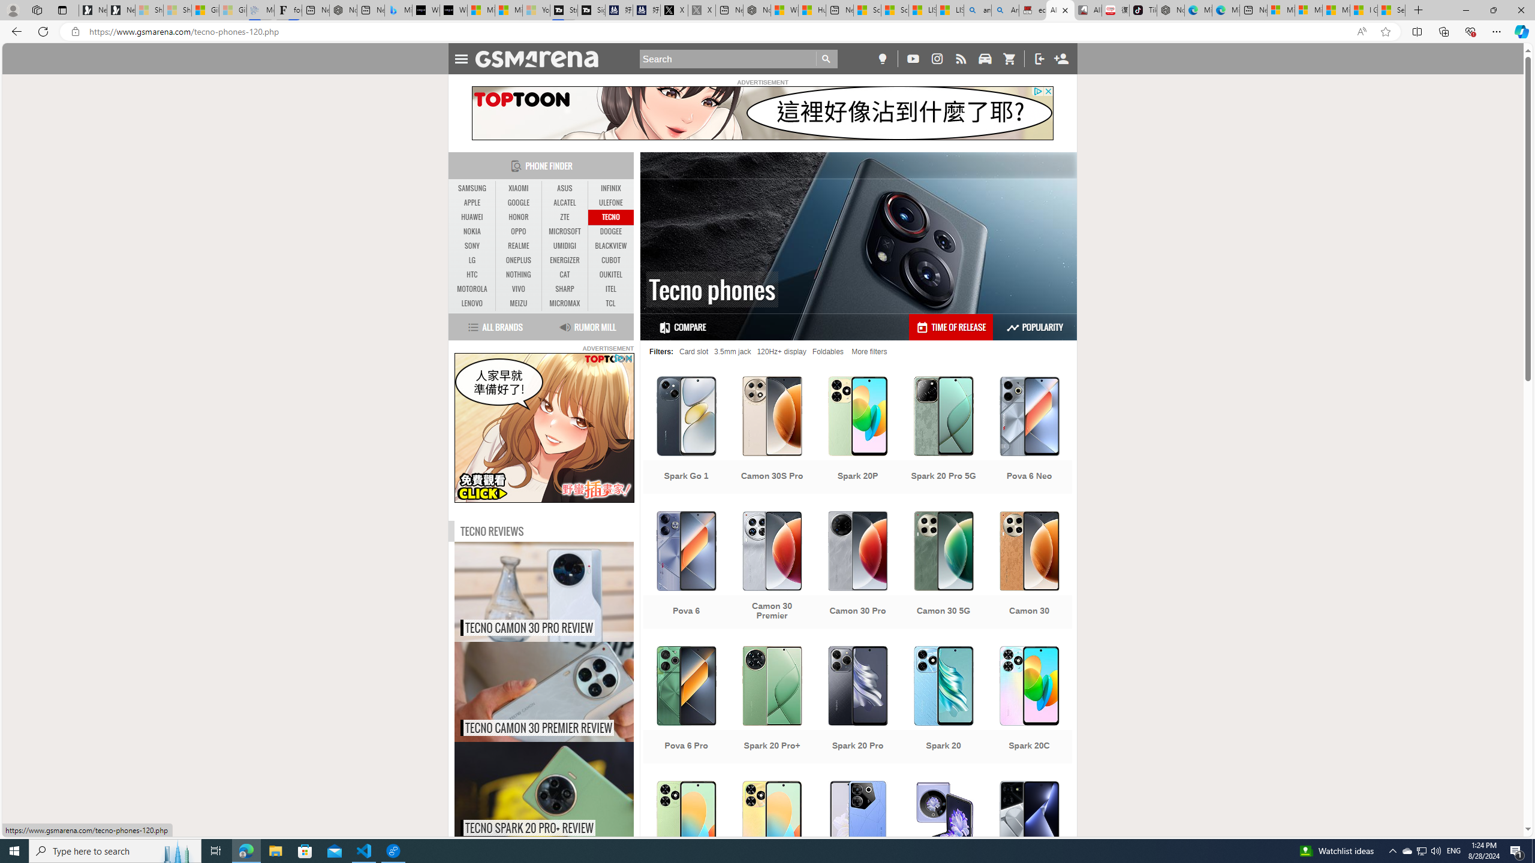  I want to click on 'INFINIX', so click(610, 188).